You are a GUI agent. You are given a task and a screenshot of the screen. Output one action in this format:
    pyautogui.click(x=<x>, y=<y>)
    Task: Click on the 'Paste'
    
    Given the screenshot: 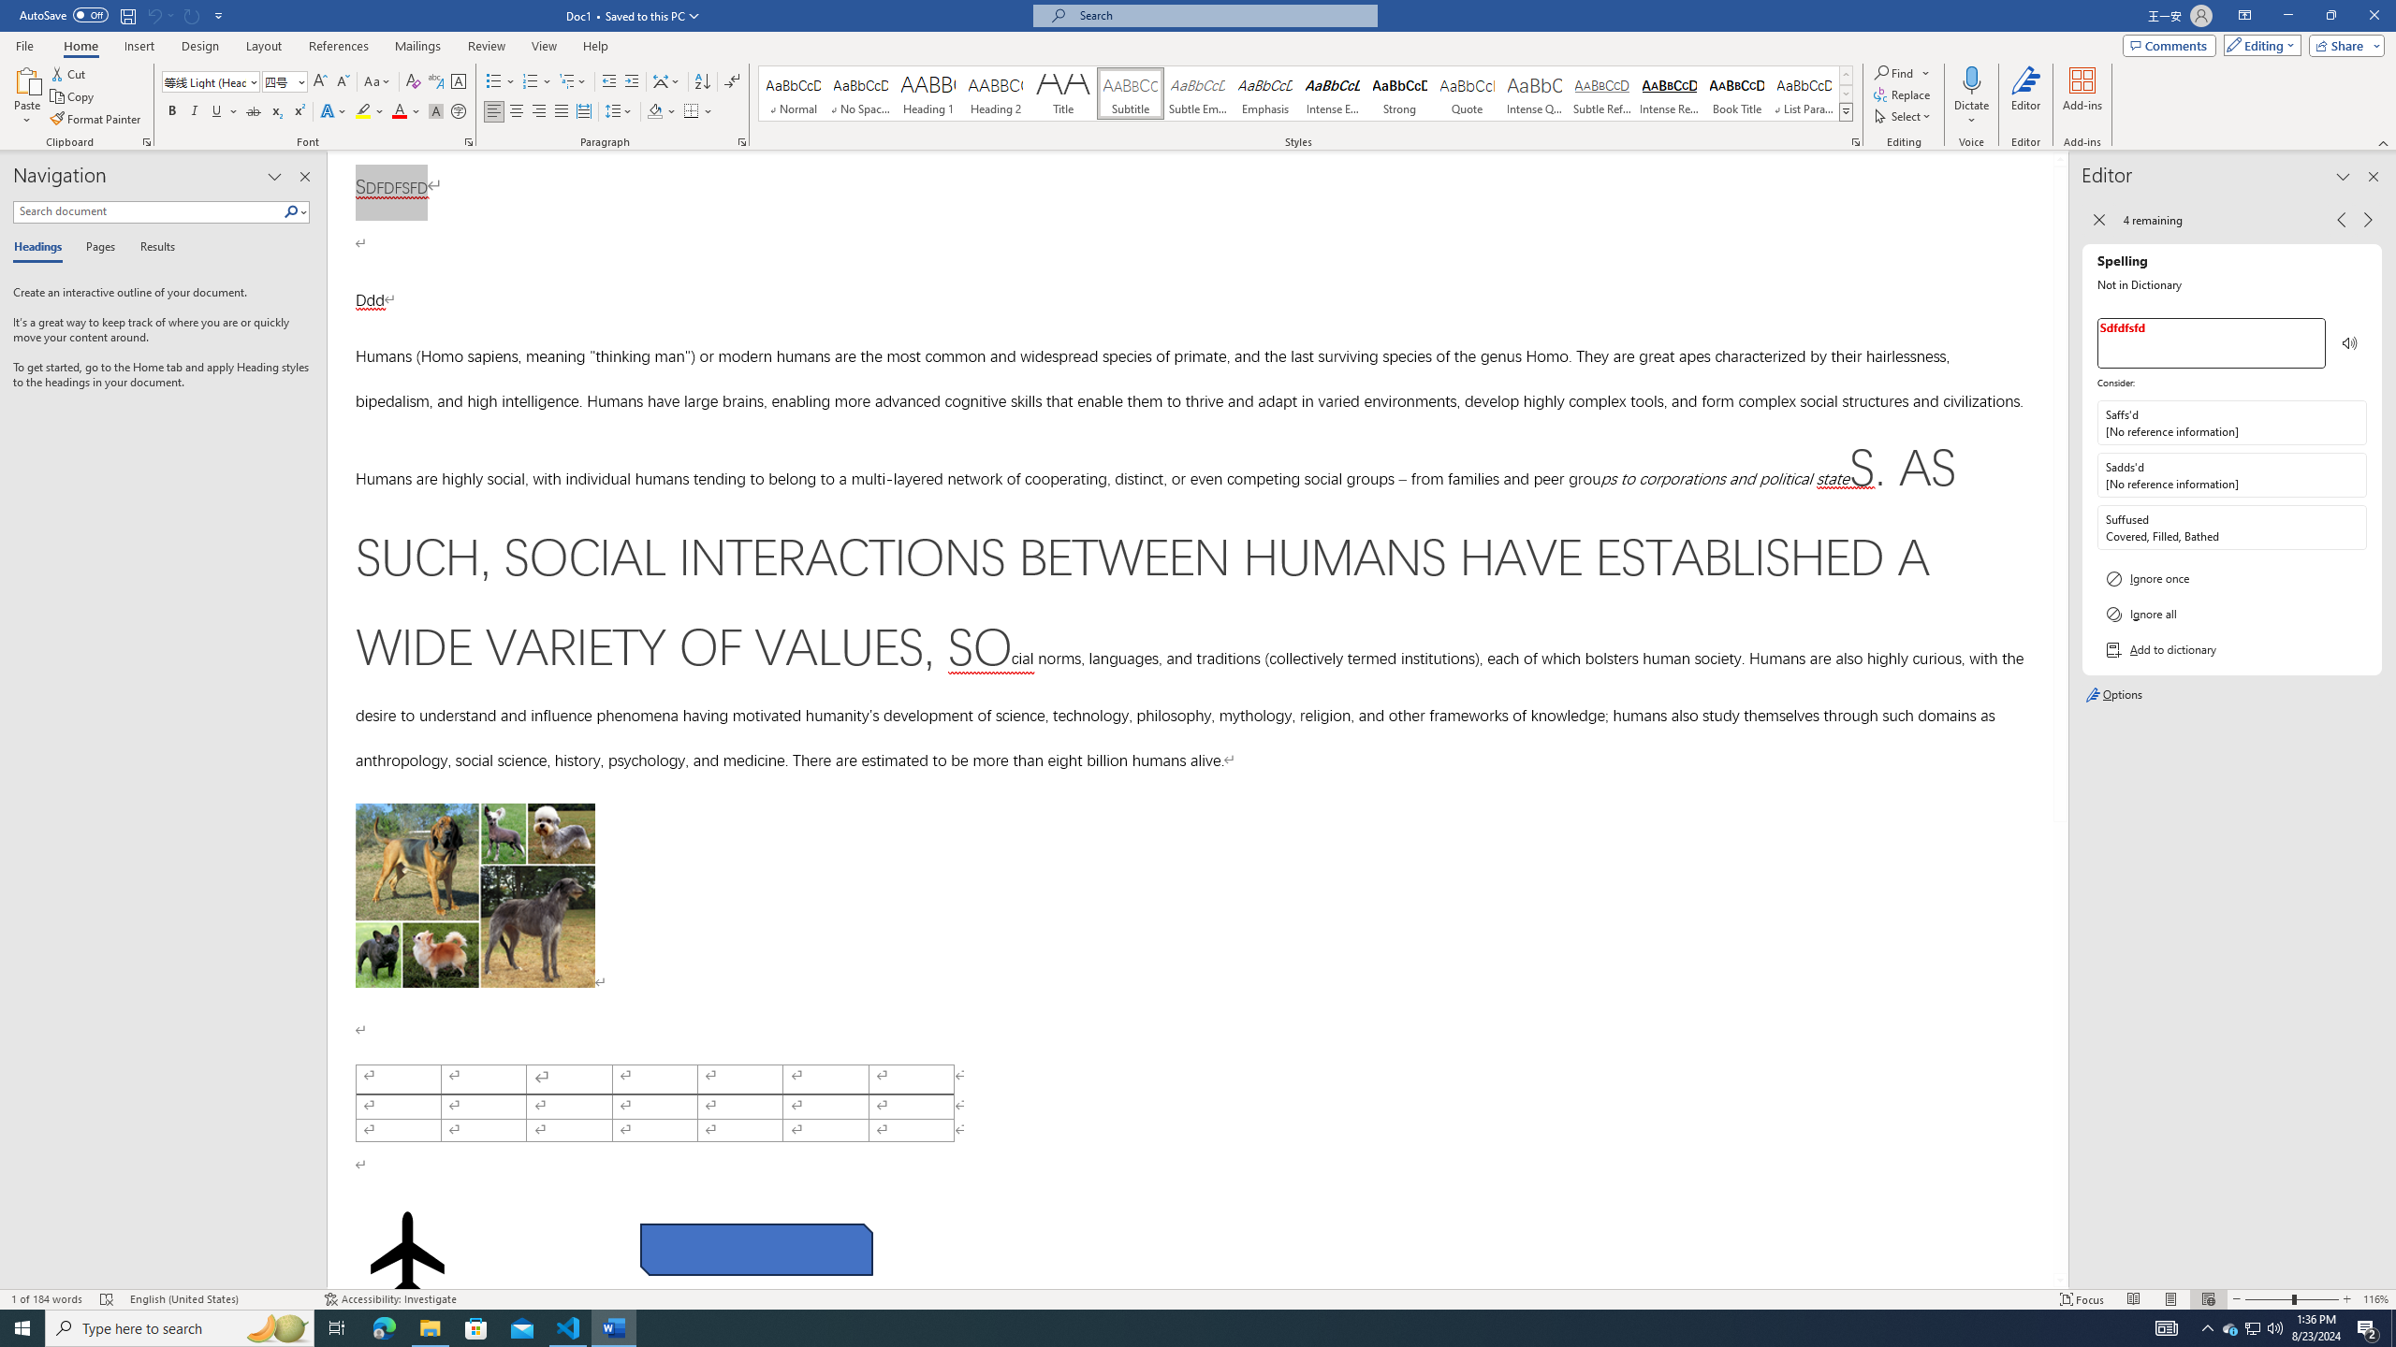 What is the action you would take?
    pyautogui.click(x=26, y=79)
    